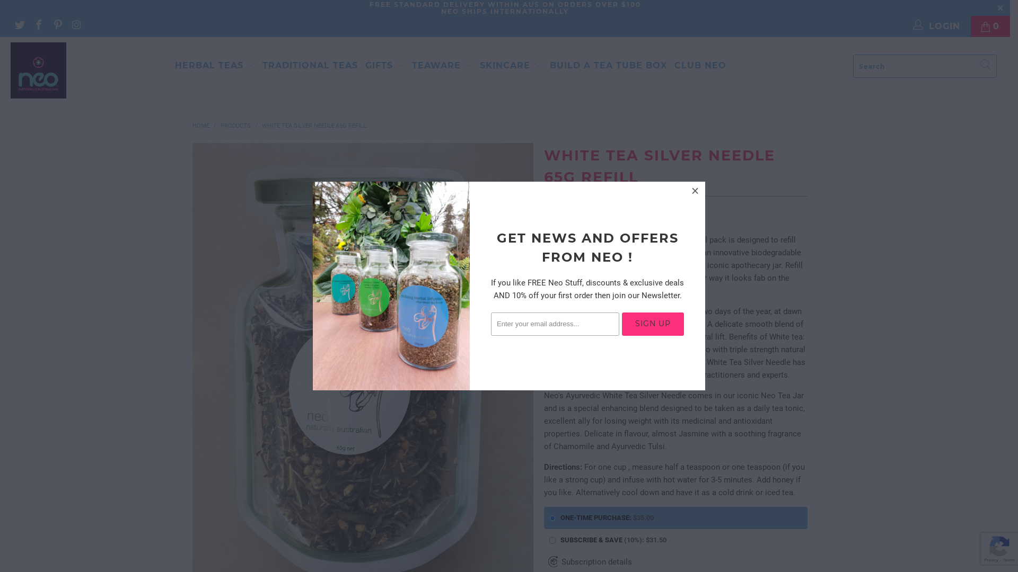 This screenshot has height=572, width=1018. Describe the element at coordinates (937, 26) in the screenshot. I see `'LOGIN'` at that location.